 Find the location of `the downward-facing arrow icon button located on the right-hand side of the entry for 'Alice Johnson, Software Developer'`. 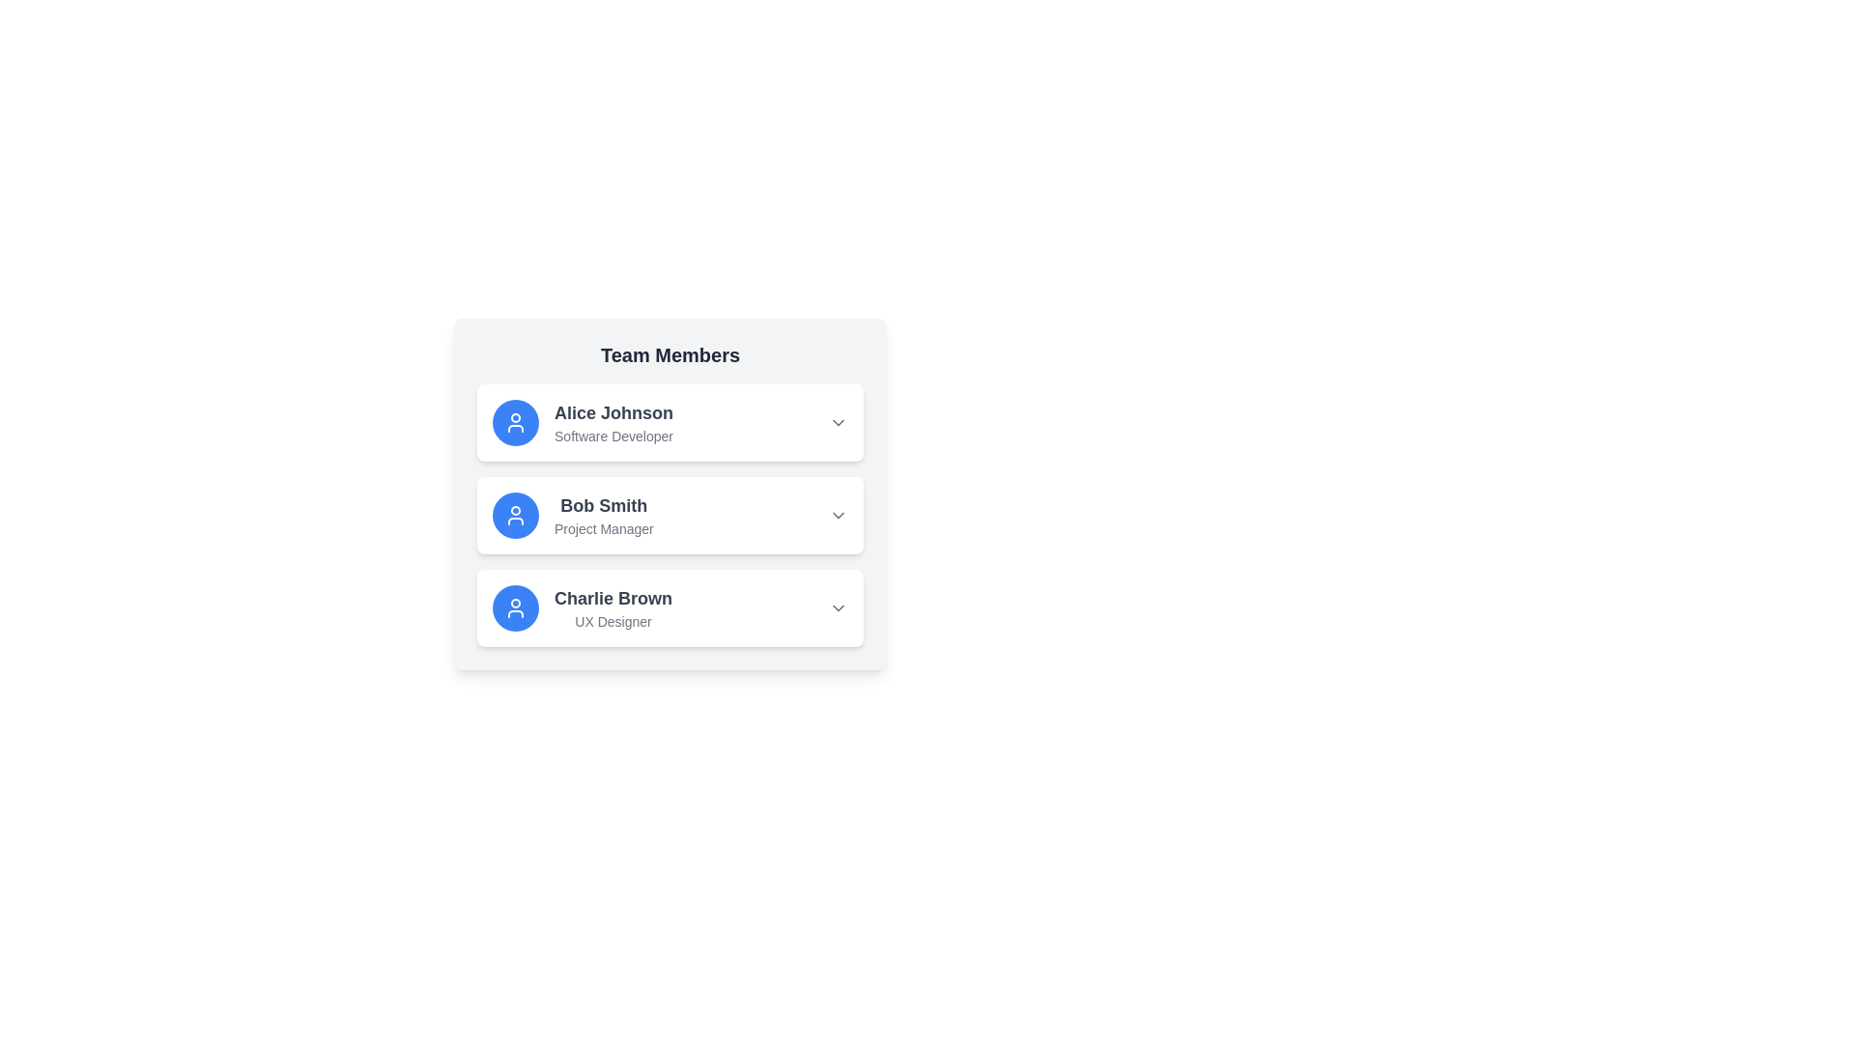

the downward-facing arrow icon button located on the right-hand side of the entry for 'Alice Johnson, Software Developer' is located at coordinates (839, 422).